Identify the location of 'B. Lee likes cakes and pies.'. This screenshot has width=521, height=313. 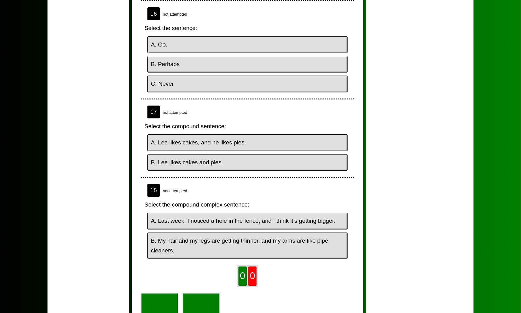
(186, 162).